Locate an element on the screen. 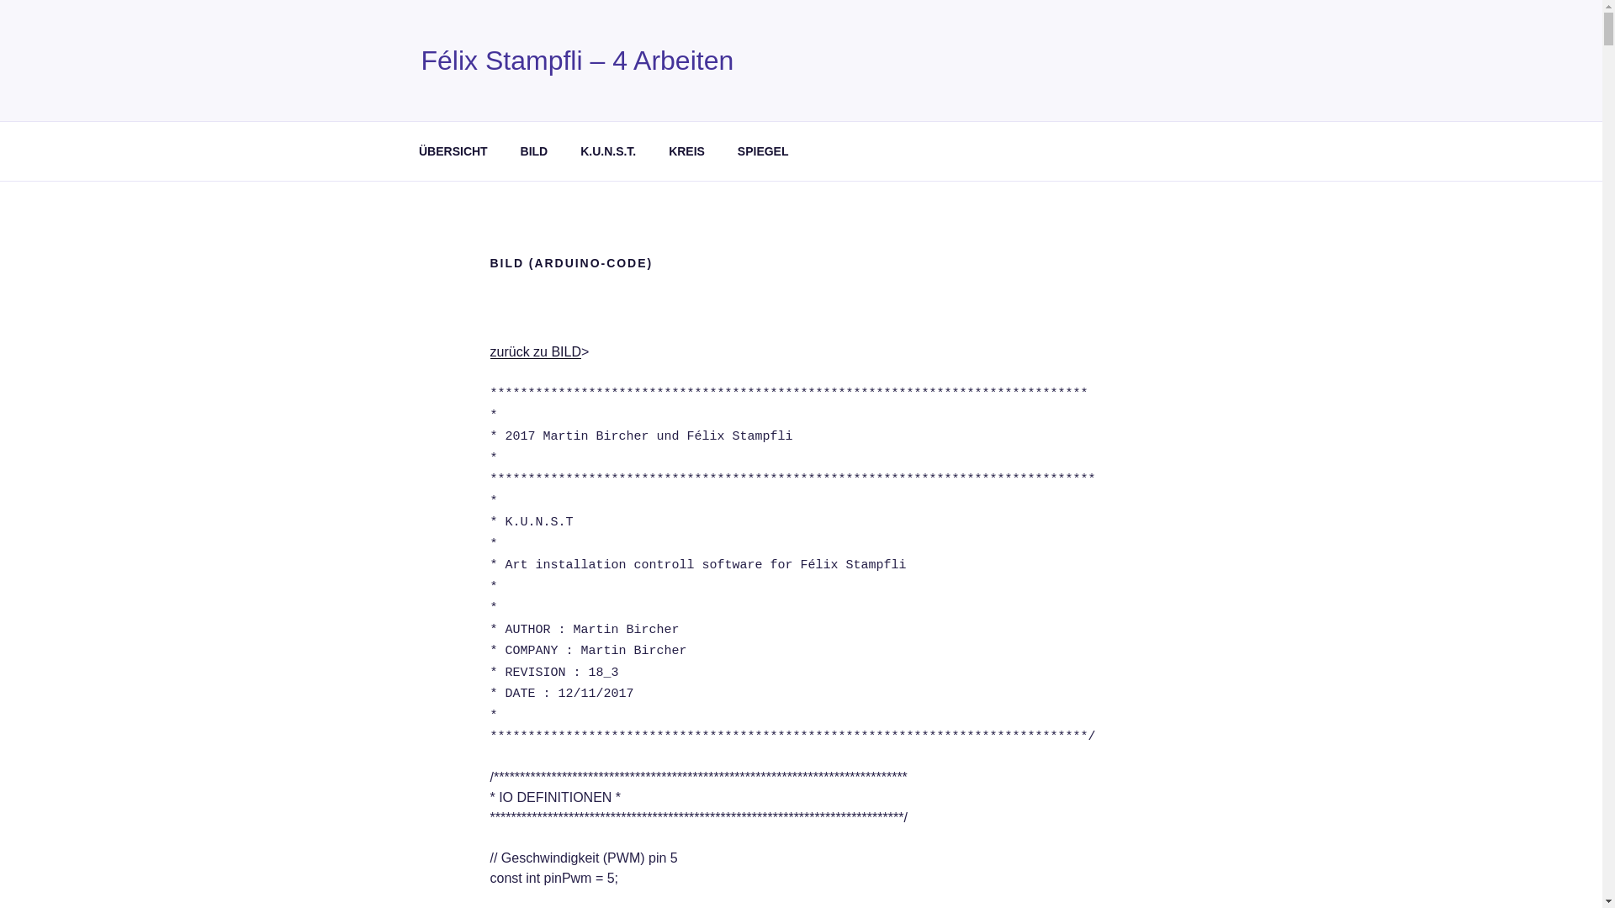 This screenshot has width=1615, height=908. 'KREIS' is located at coordinates (653, 151).